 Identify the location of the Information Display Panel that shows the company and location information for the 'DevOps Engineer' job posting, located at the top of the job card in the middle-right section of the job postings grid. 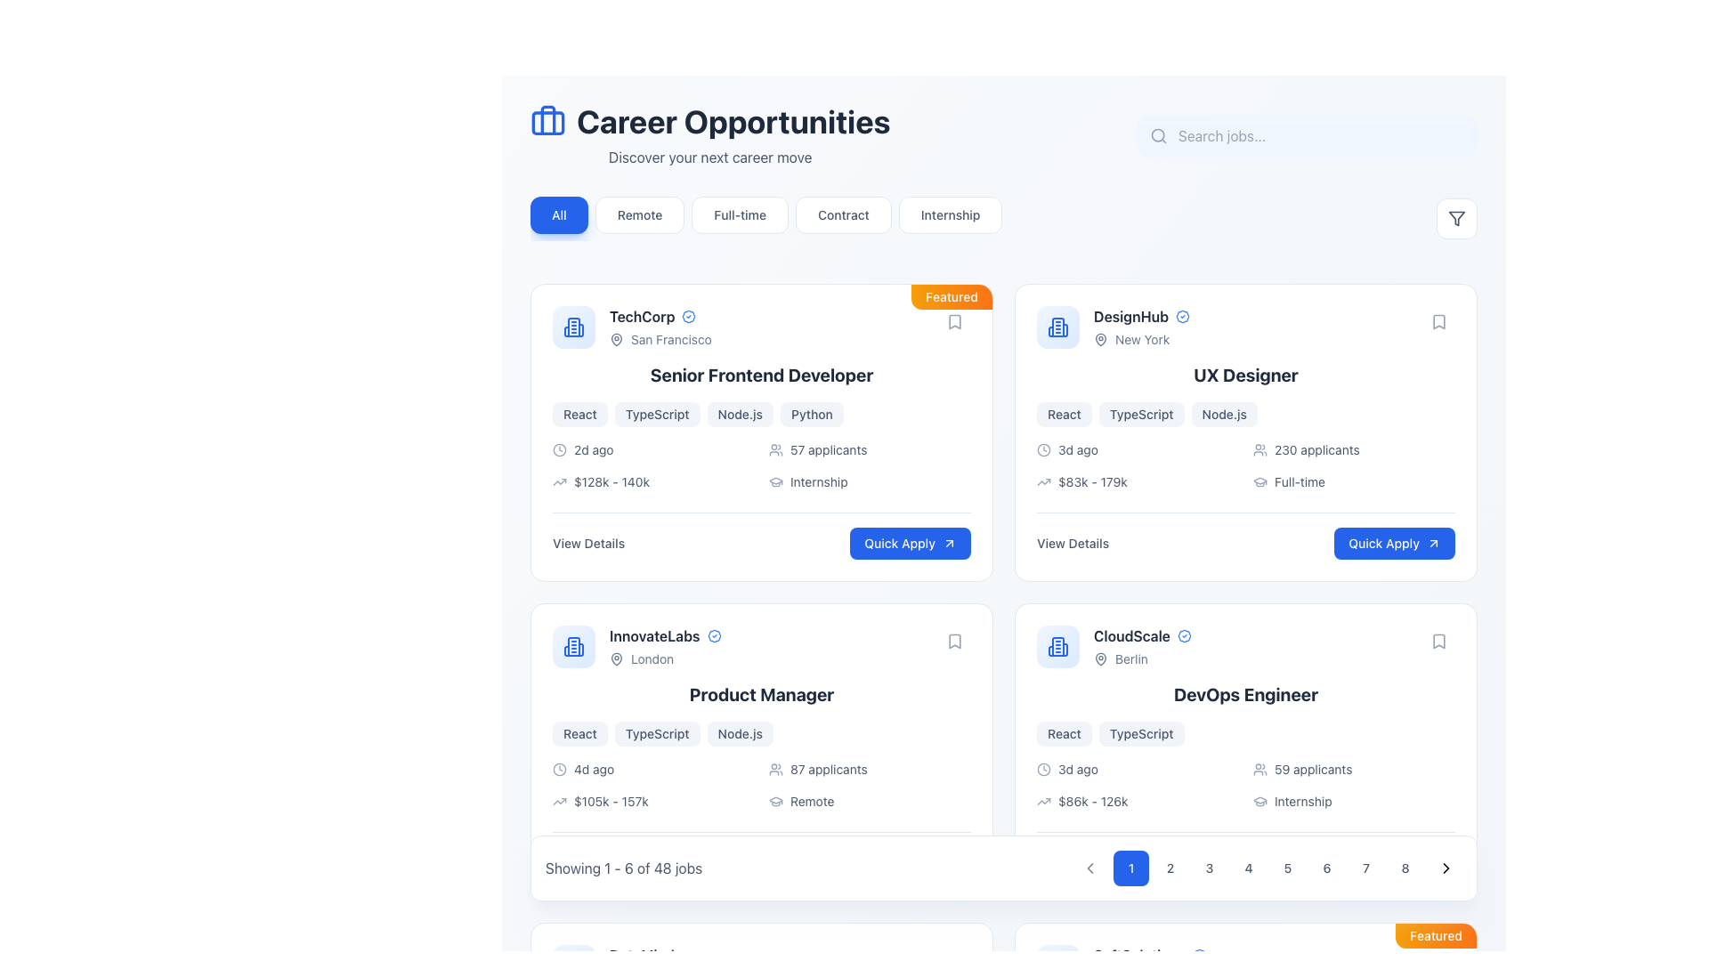
(1245, 646).